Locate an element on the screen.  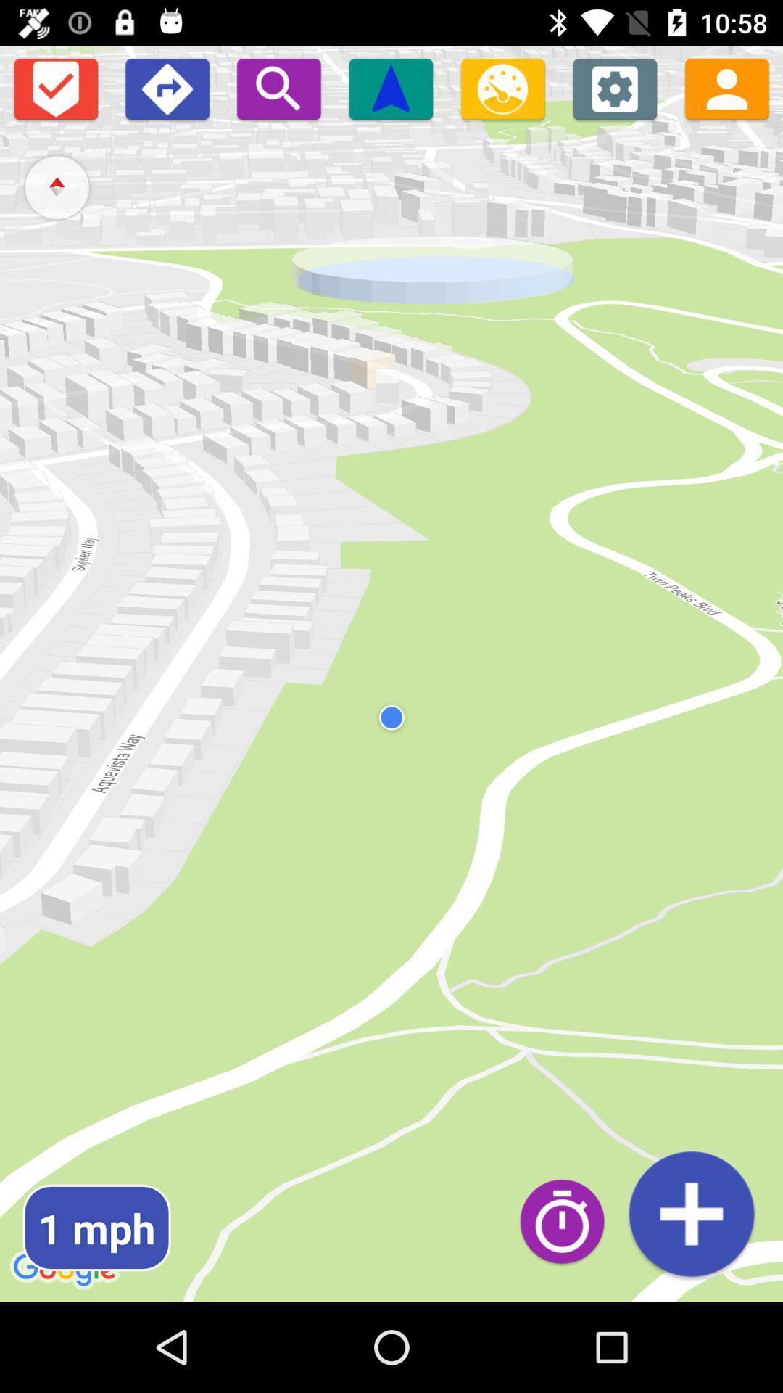
settings is located at coordinates (615, 88).